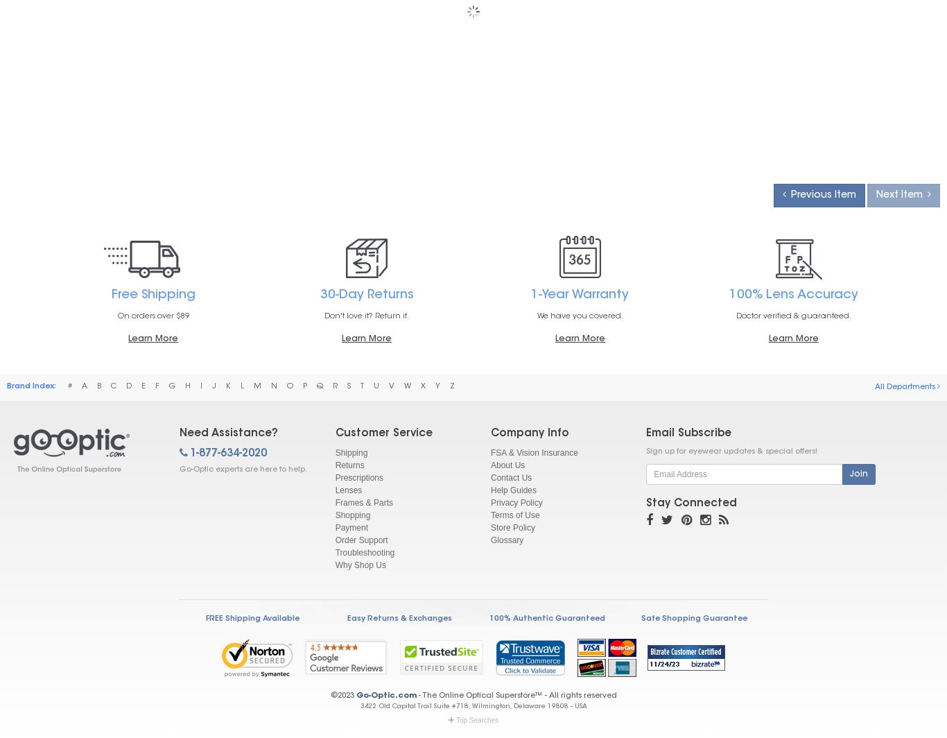  I want to click on 'On orders over $89', so click(152, 316).